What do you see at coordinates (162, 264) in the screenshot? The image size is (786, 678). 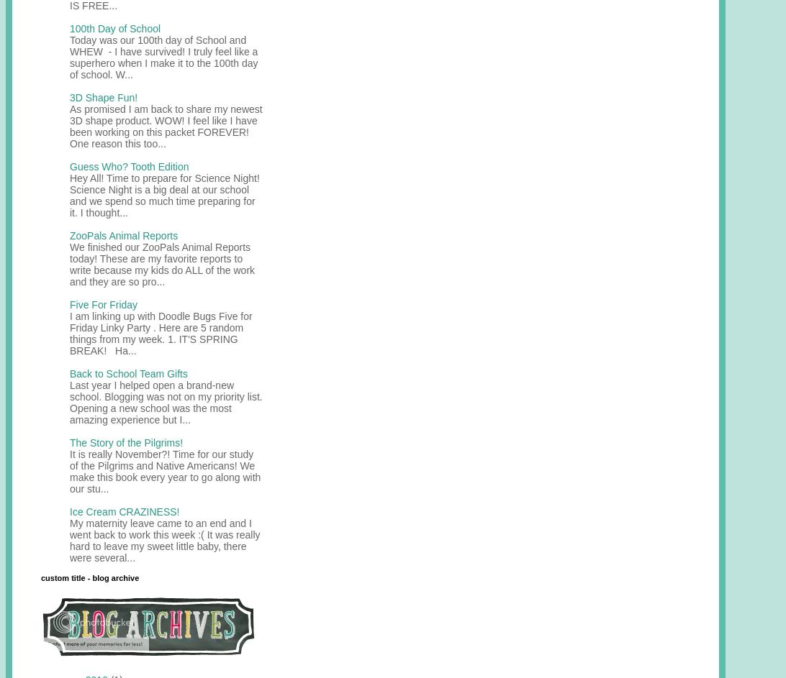 I see `'We finished our ZooPals Animal Reports today! These are my favorite reports to write because my kids do ALL of the work and they are so pro...'` at bounding box center [162, 264].